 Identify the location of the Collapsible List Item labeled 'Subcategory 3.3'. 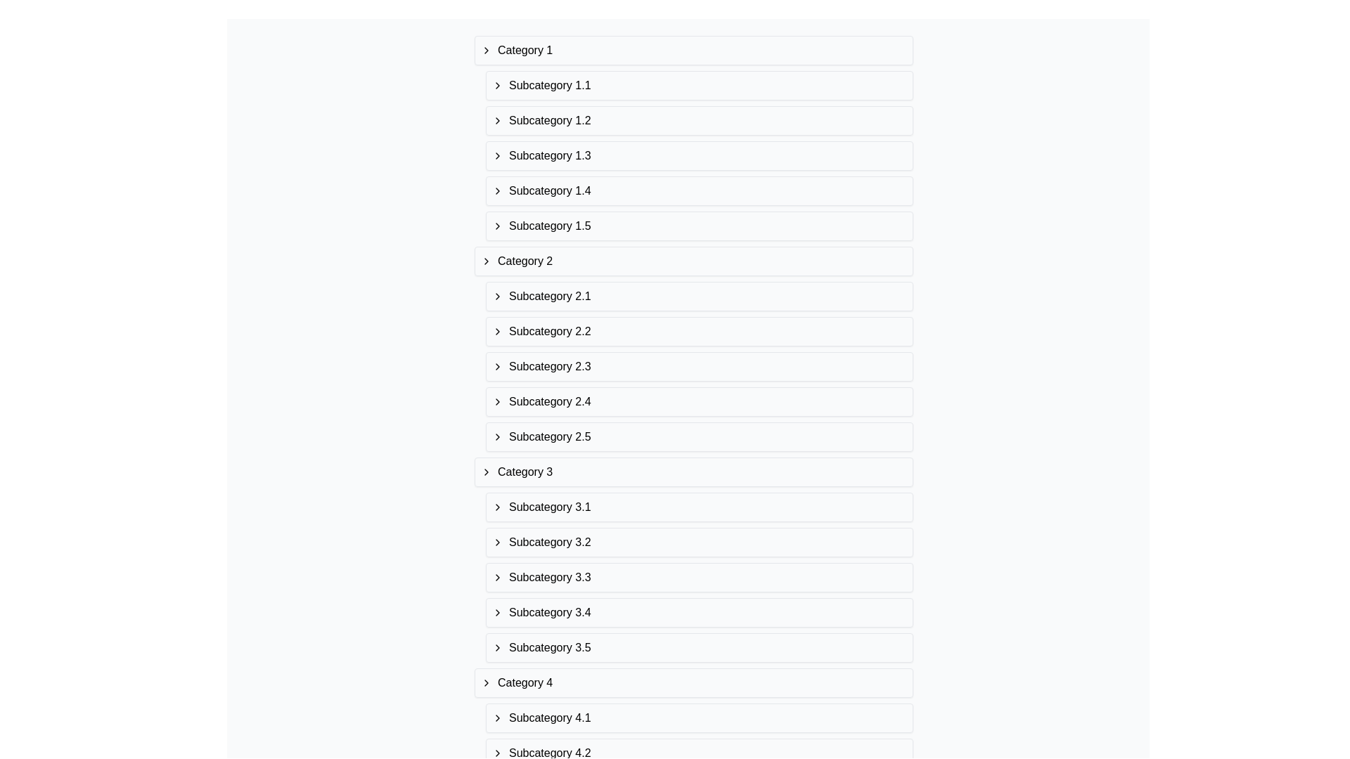
(699, 577).